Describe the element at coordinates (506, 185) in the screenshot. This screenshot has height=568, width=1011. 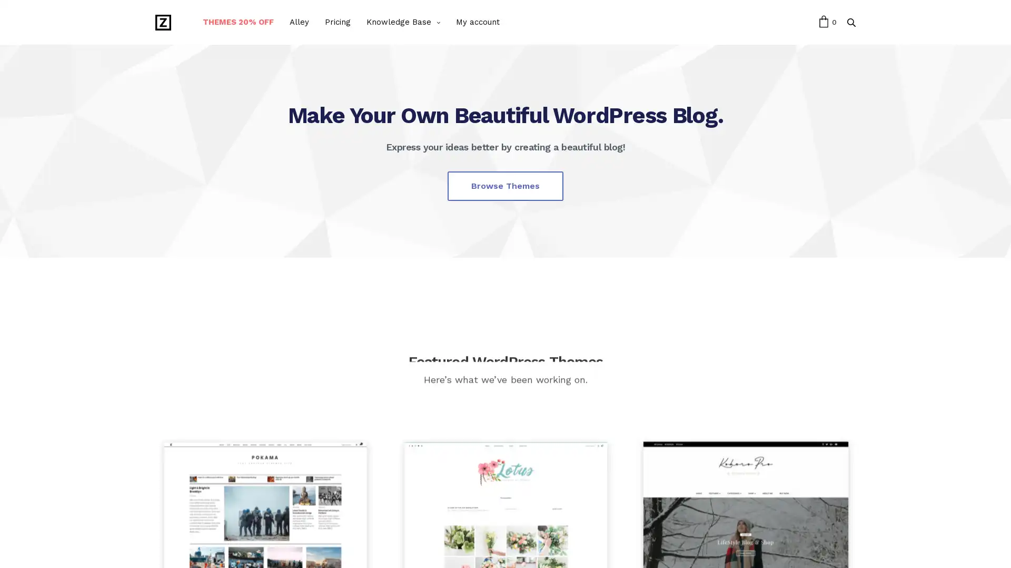
I see `Browse Themes` at that location.